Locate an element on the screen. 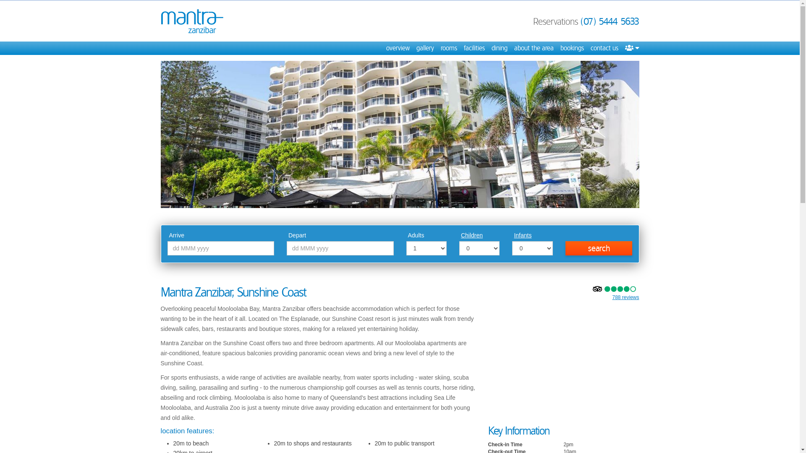 The image size is (806, 453). 'dining' is located at coordinates (499, 48).